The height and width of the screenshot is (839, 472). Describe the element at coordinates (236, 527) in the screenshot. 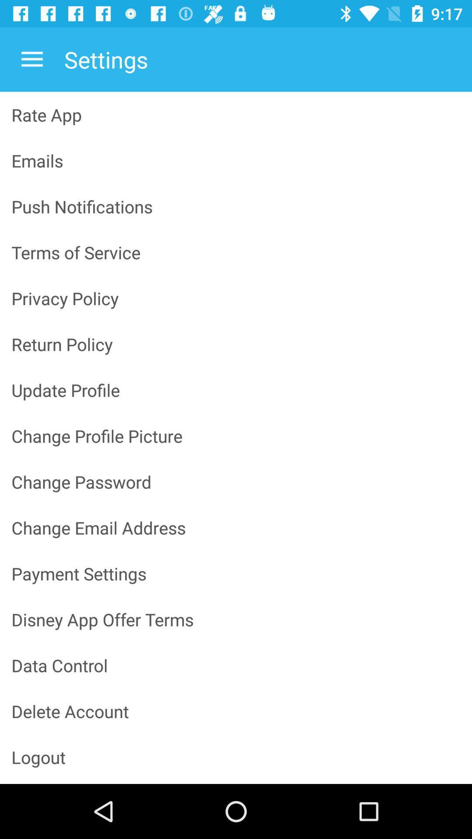

I see `change email address` at that location.